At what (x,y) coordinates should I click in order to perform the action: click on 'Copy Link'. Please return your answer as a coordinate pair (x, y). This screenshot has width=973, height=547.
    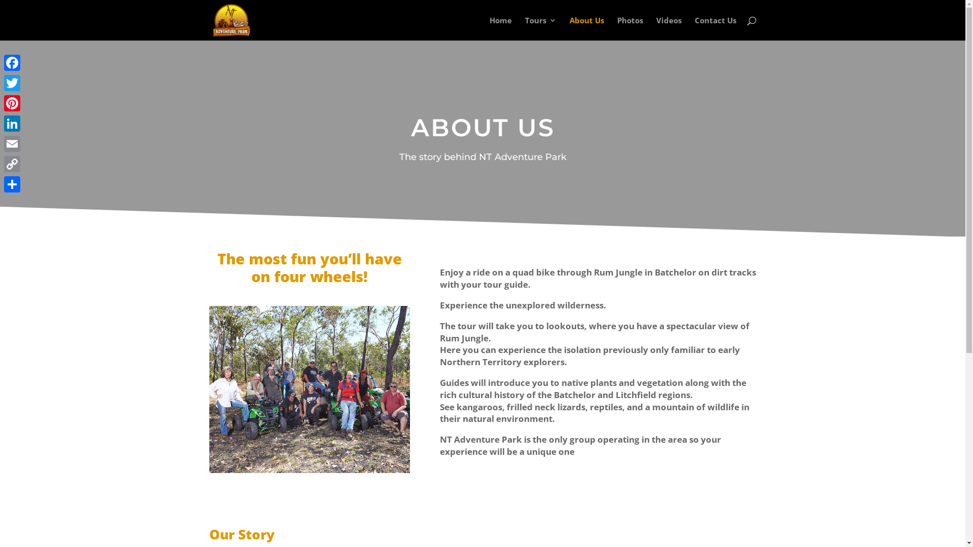
    Looking at the image, I should click on (12, 164).